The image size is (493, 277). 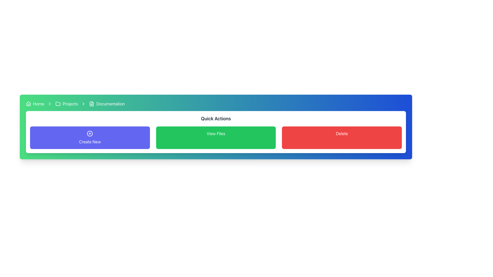 What do you see at coordinates (107, 104) in the screenshot?
I see `the breadcrumb item labeled 'Documentation'` at bounding box center [107, 104].